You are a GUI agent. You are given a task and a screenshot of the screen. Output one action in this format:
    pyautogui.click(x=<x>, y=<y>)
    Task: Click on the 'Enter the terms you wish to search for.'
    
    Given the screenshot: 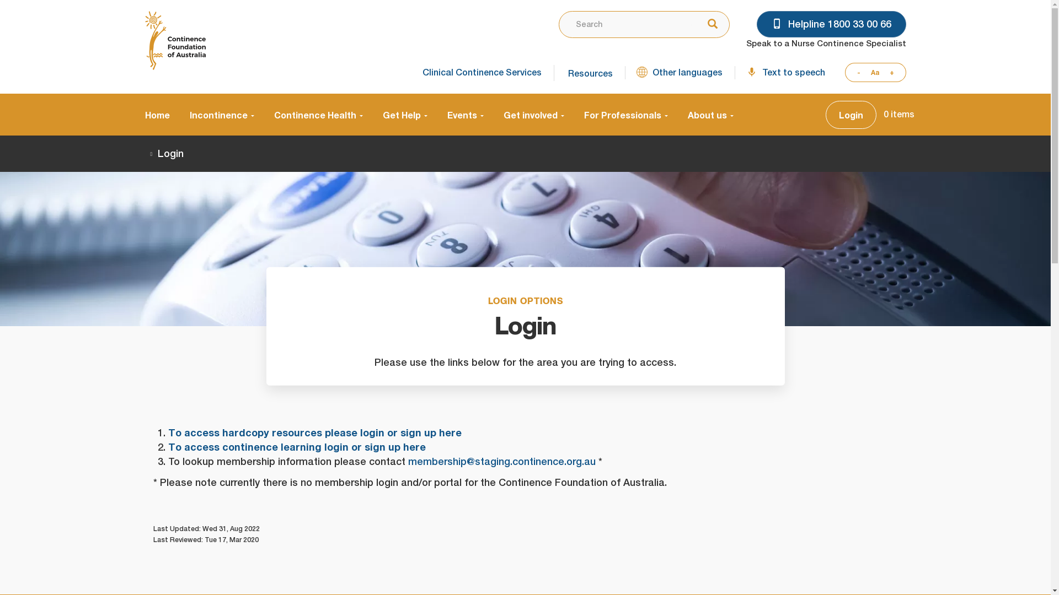 What is the action you would take?
    pyautogui.click(x=625, y=24)
    